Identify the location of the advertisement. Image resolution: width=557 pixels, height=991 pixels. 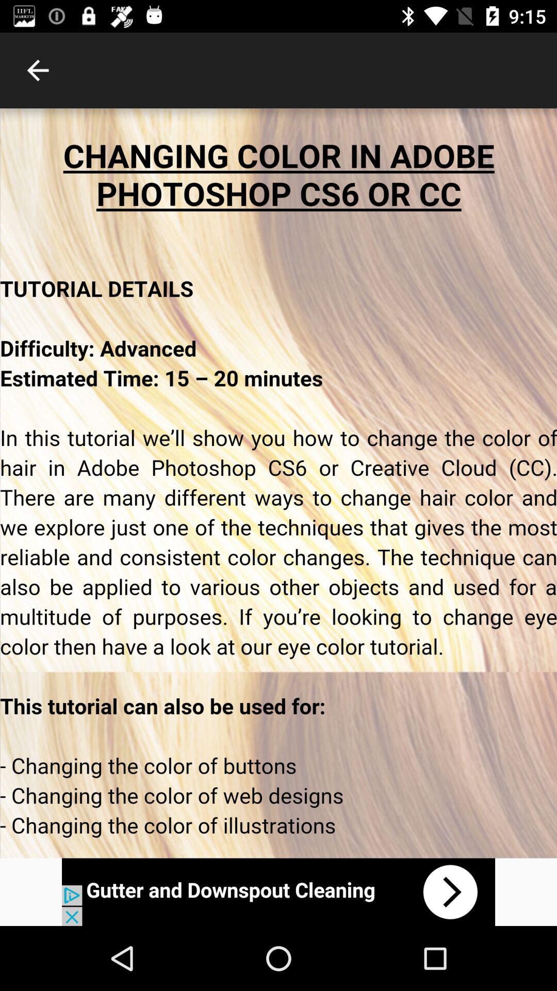
(278, 891).